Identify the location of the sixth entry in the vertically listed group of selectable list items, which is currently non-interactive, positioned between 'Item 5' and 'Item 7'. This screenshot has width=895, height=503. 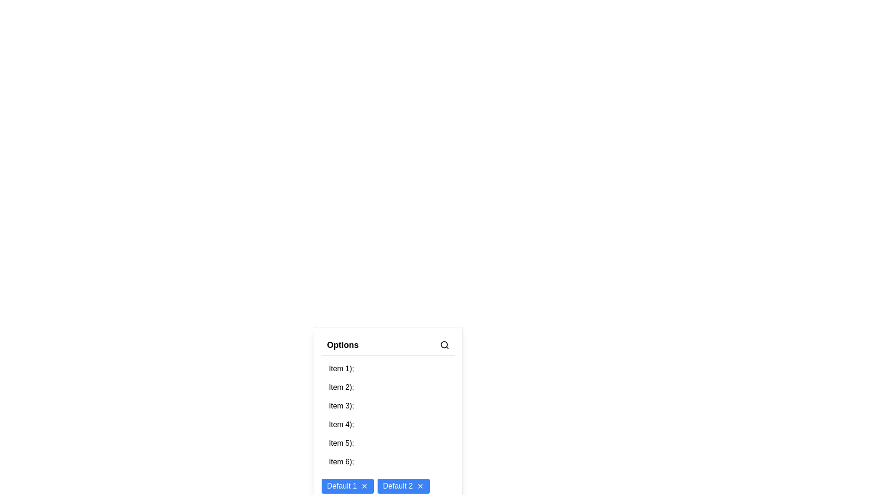
(388, 462).